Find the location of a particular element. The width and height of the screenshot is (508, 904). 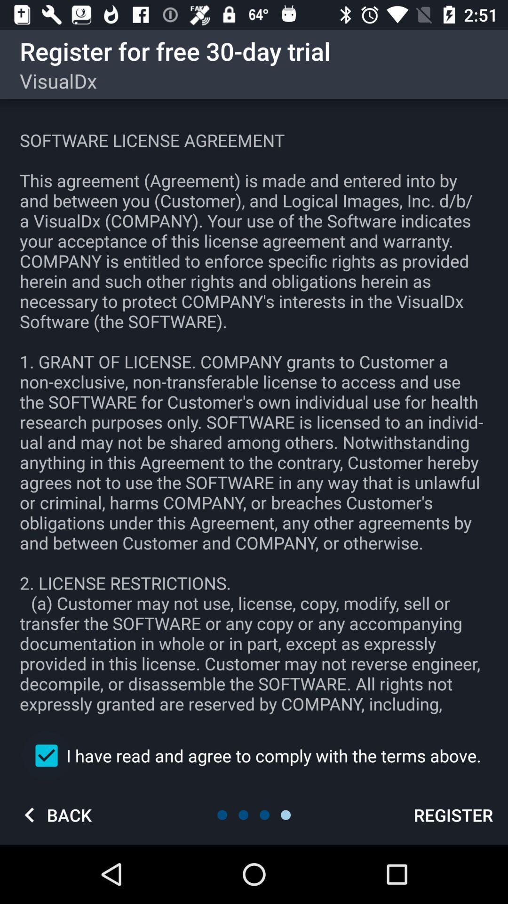

i have read item is located at coordinates (254, 755).